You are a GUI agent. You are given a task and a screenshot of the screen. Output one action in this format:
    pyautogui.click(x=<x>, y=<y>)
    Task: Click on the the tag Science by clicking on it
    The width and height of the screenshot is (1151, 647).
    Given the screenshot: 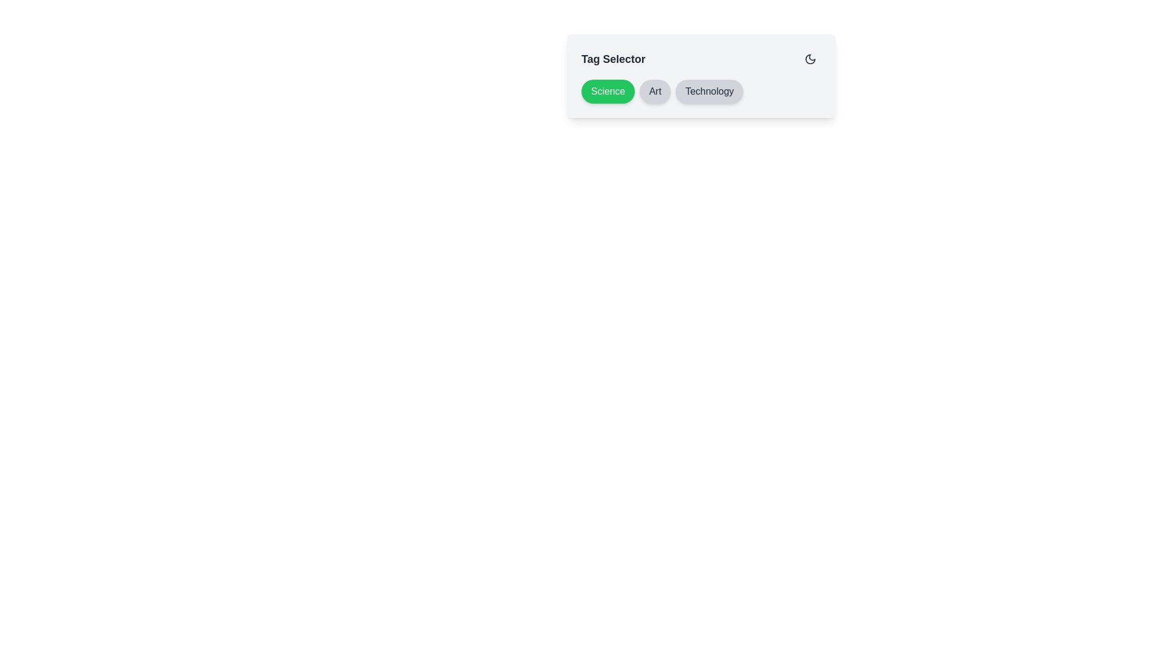 What is the action you would take?
    pyautogui.click(x=608, y=91)
    